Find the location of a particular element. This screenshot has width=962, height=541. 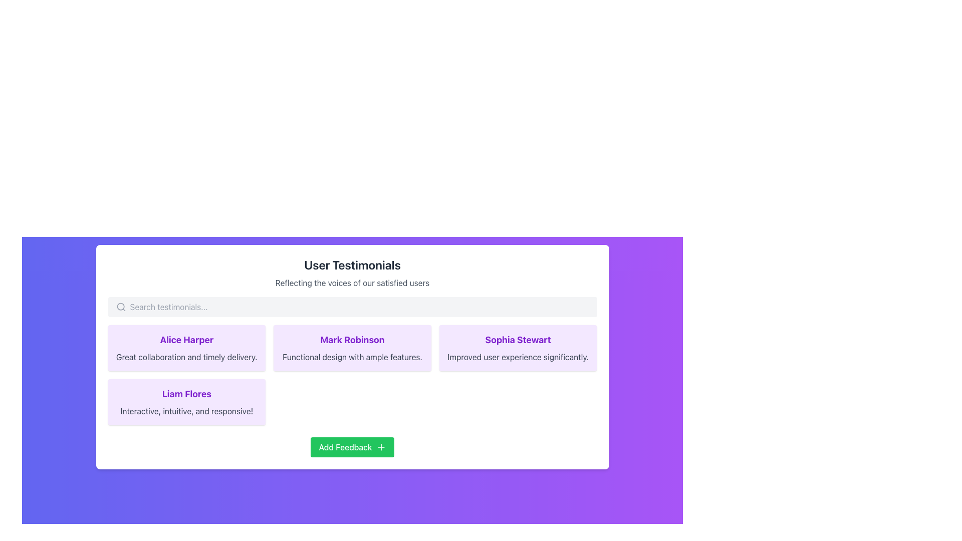

the rectangular green button labeled 'Add Feedback' located at the bottom center of the UI card is located at coordinates (352, 447).